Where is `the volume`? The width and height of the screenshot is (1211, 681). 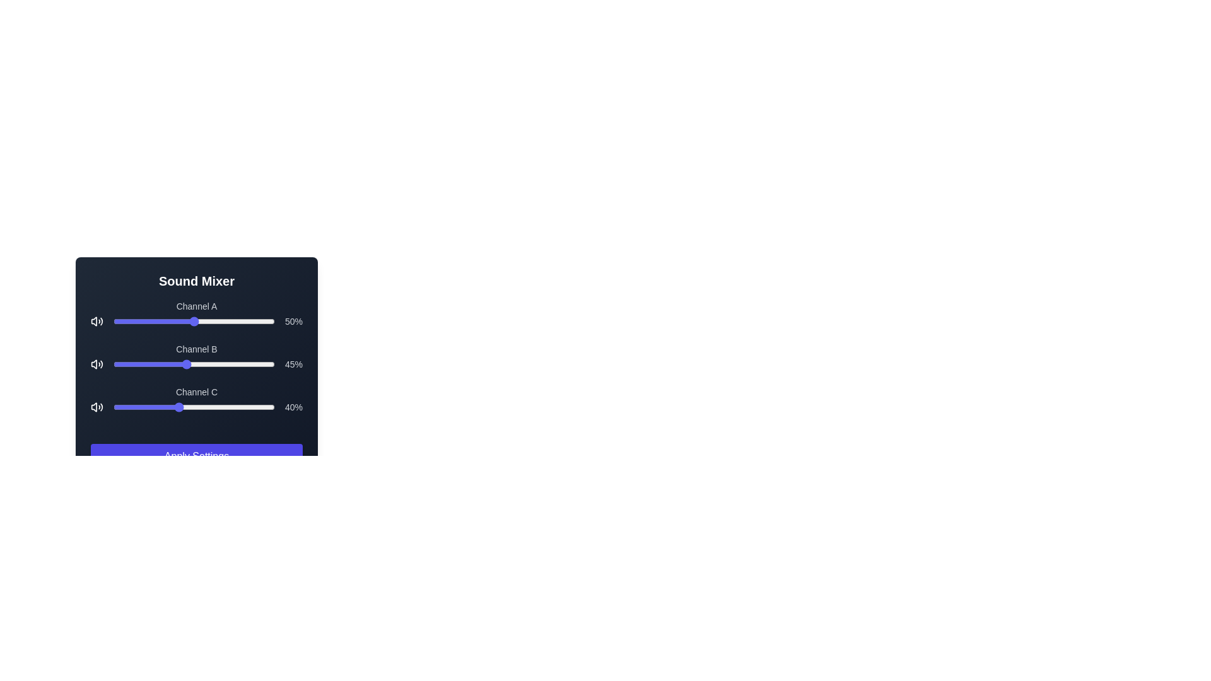 the volume is located at coordinates (136, 320).